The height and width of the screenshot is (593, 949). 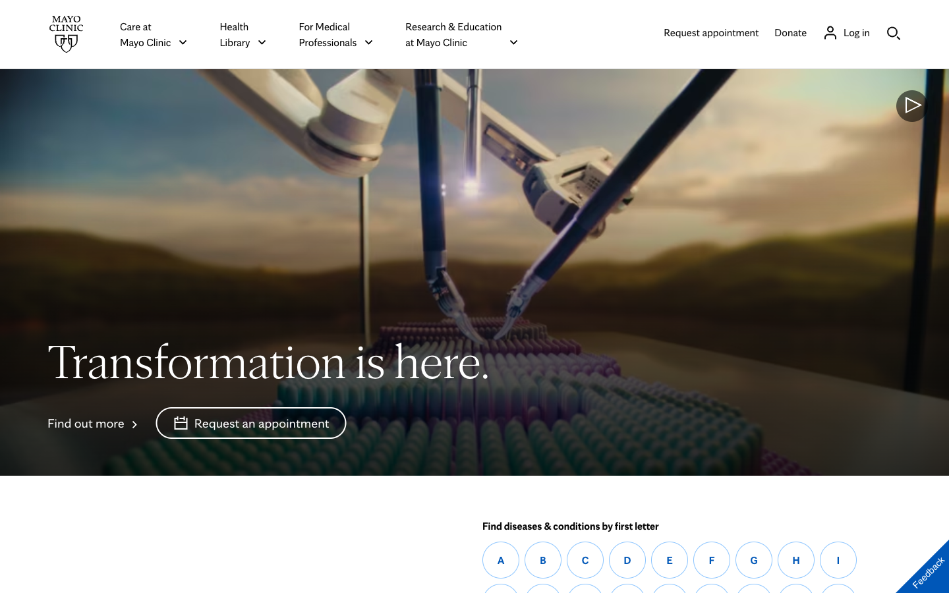 What do you see at coordinates (1023971, 29057) in the screenshot?
I see `Move the "request appointment" option to the "Donate" section` at bounding box center [1023971, 29057].